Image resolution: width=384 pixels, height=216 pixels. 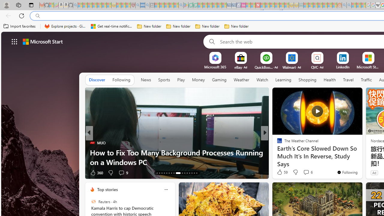 I want to click on 'Money', so click(x=198, y=80).